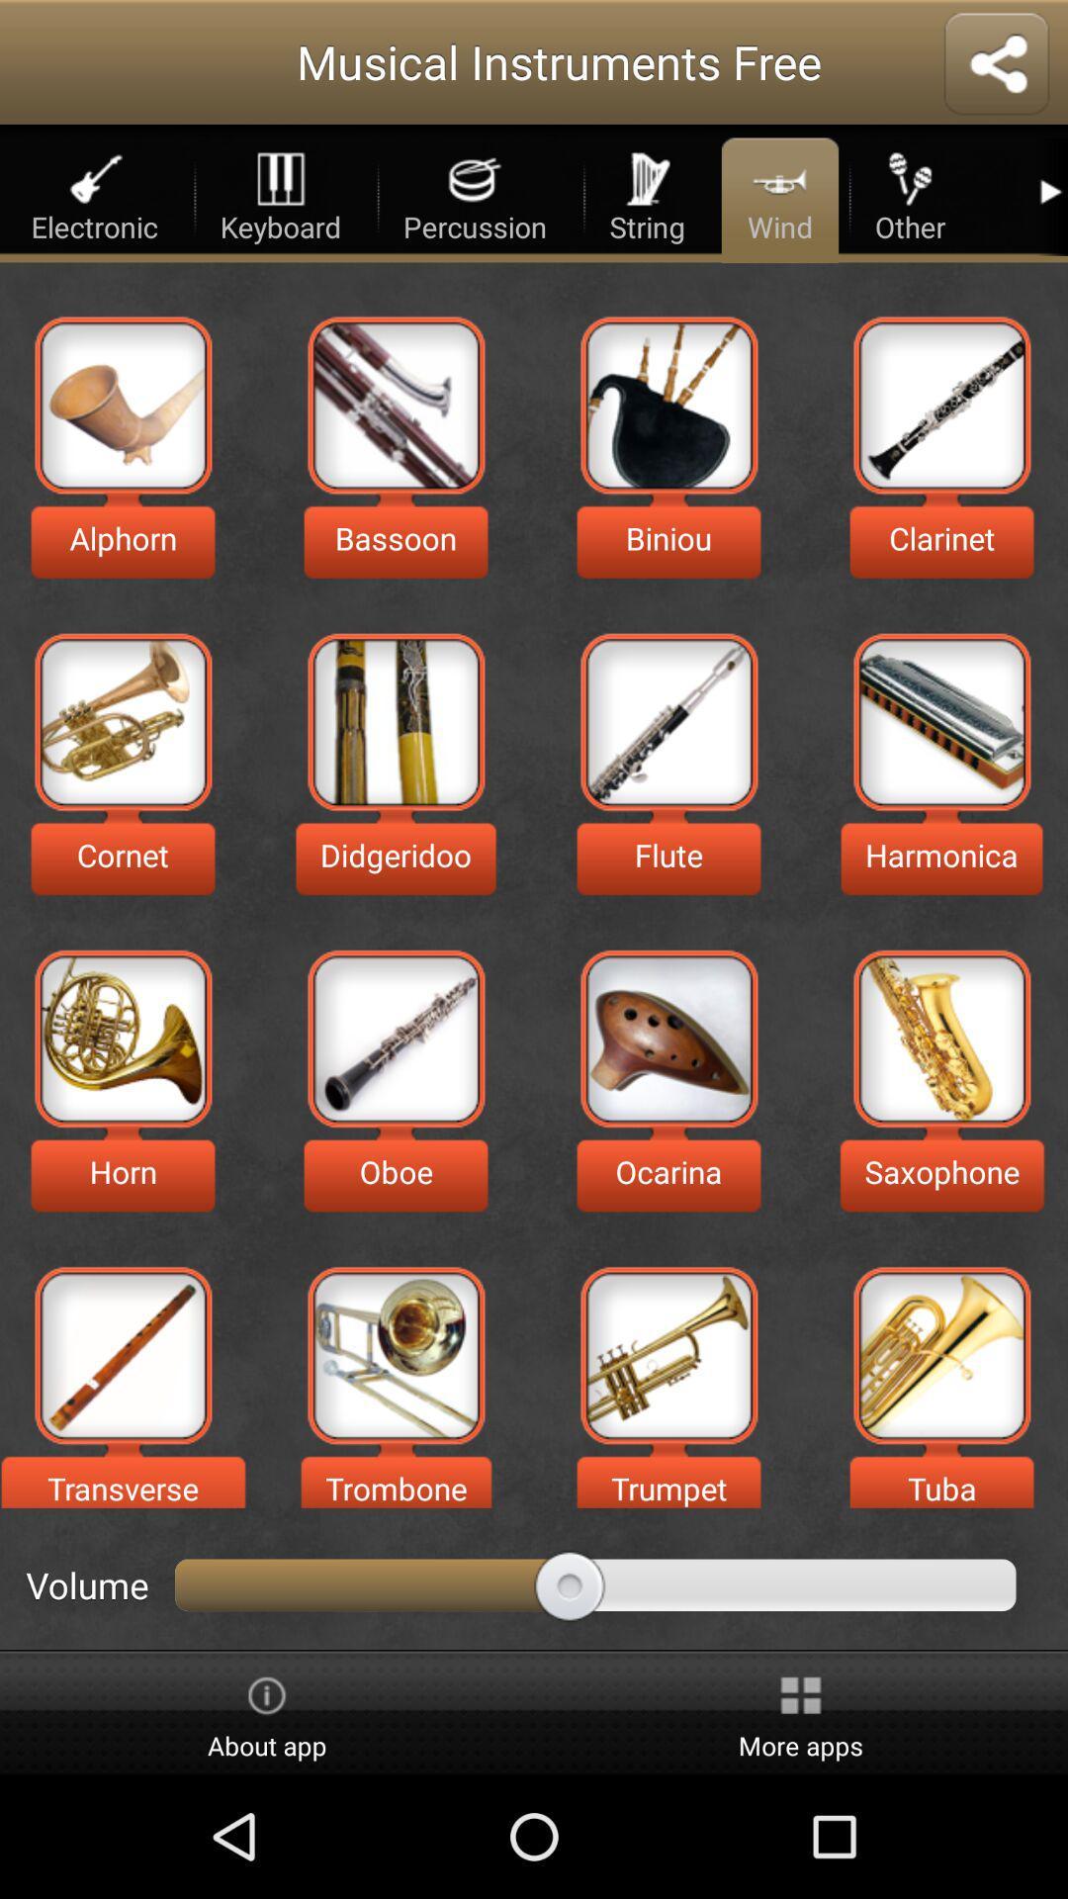  What do you see at coordinates (996, 65) in the screenshot?
I see `share button` at bounding box center [996, 65].